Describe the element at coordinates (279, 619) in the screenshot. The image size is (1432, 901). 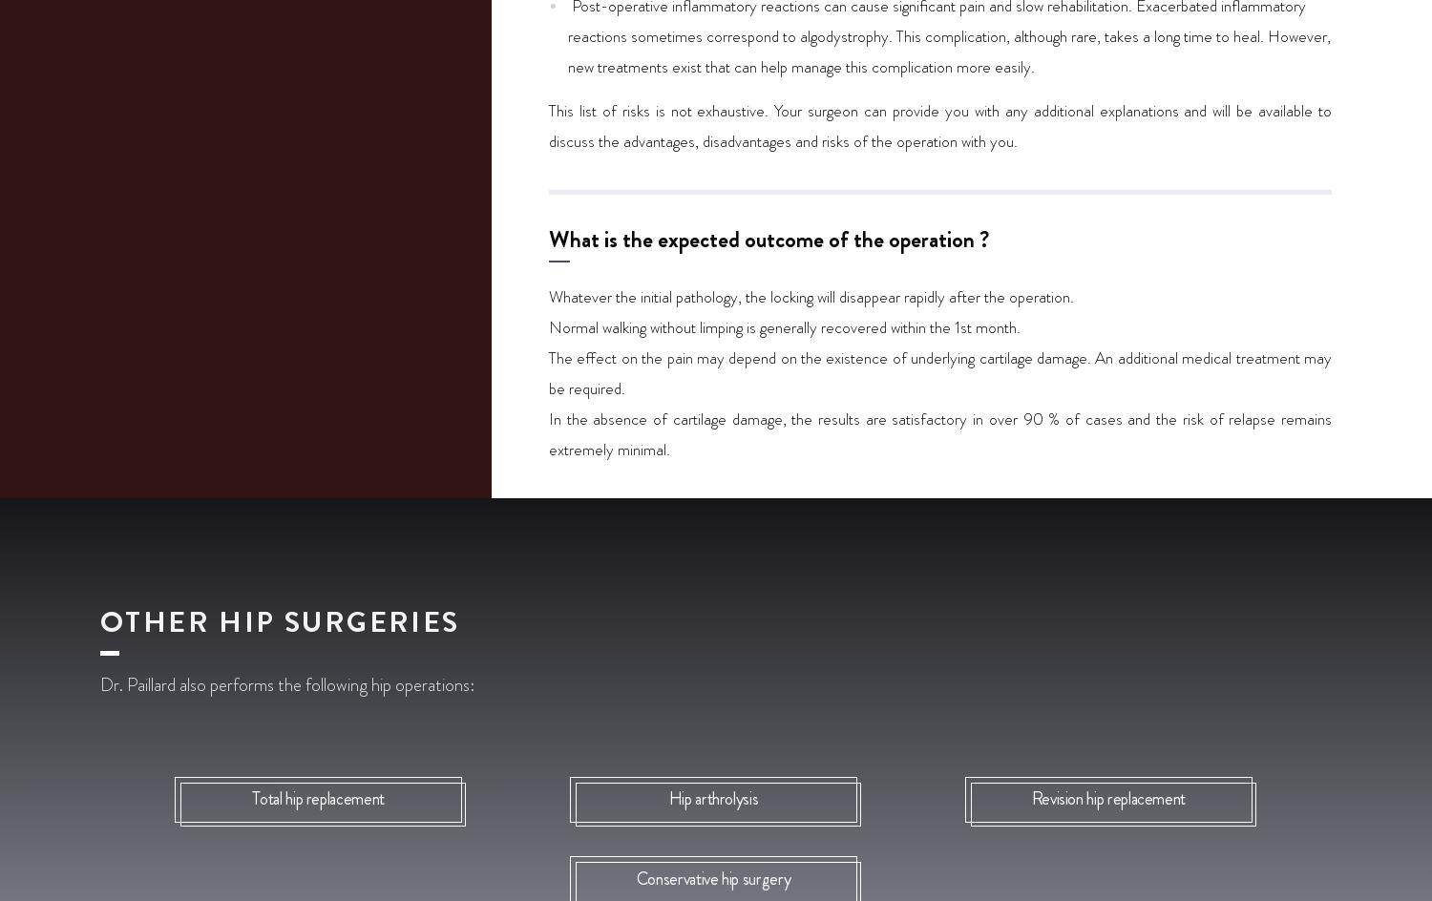
I see `'Other hip surgeries'` at that location.